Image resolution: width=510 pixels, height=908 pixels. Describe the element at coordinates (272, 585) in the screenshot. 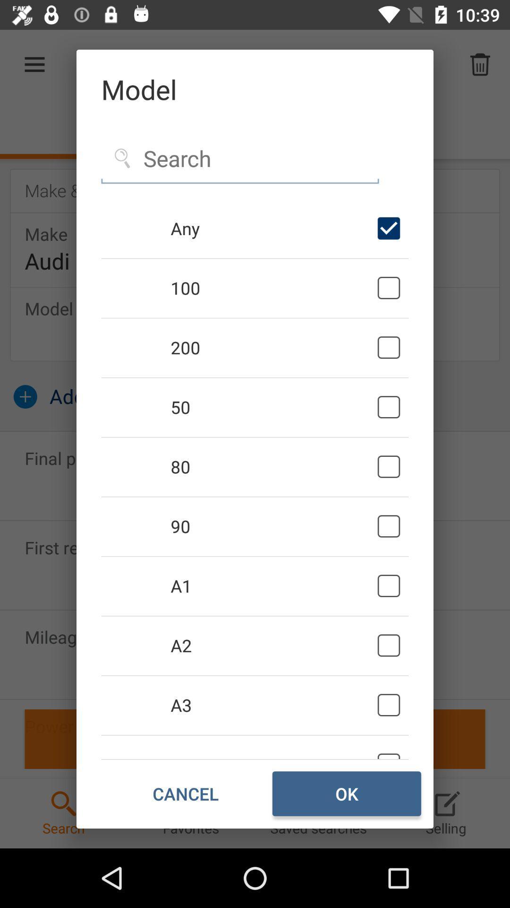

I see `the icon below 90 icon` at that location.